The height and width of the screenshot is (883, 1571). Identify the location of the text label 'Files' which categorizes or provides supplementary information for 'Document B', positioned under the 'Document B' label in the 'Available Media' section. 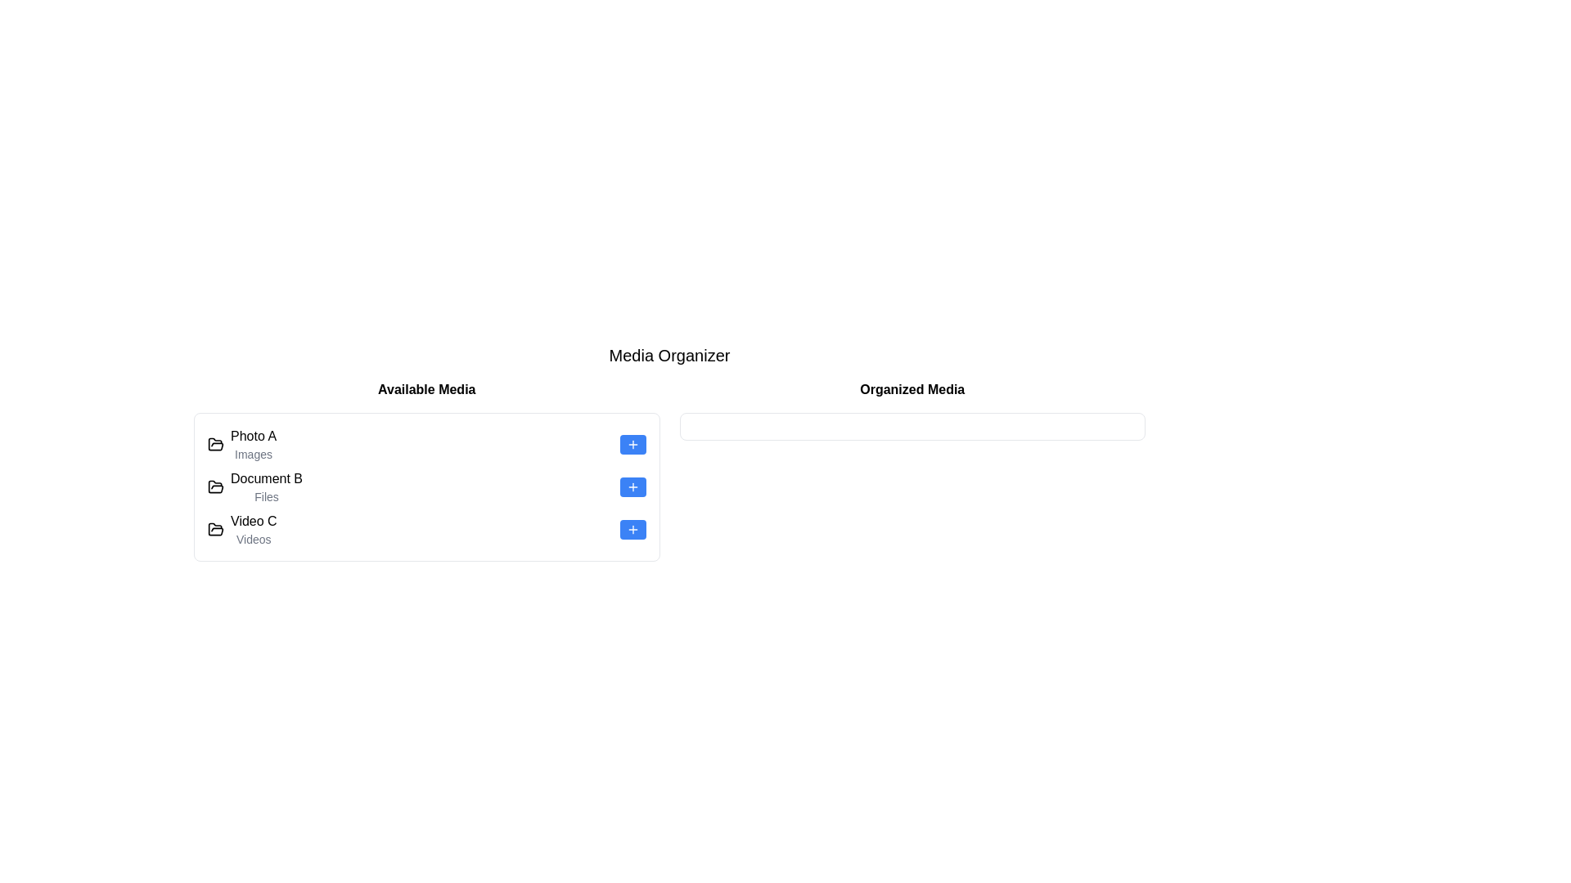
(267, 496).